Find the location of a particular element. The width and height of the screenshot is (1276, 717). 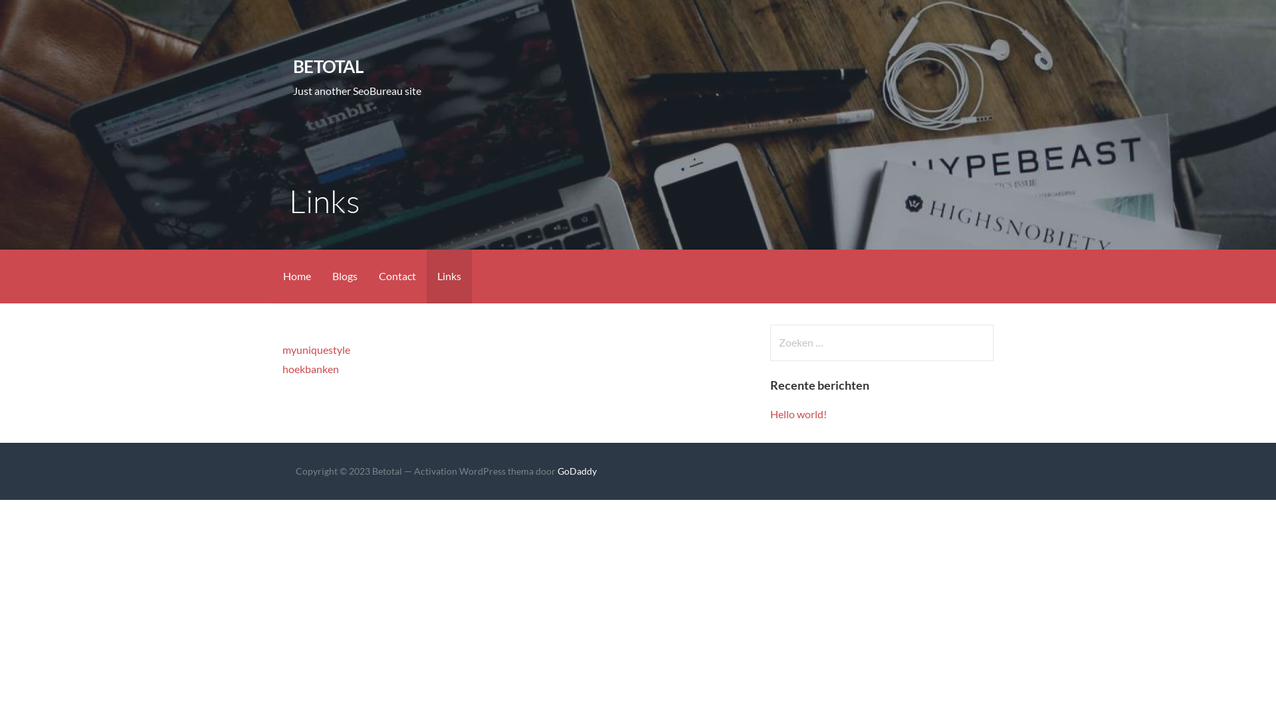

'BETOTAL' is located at coordinates (328, 66).